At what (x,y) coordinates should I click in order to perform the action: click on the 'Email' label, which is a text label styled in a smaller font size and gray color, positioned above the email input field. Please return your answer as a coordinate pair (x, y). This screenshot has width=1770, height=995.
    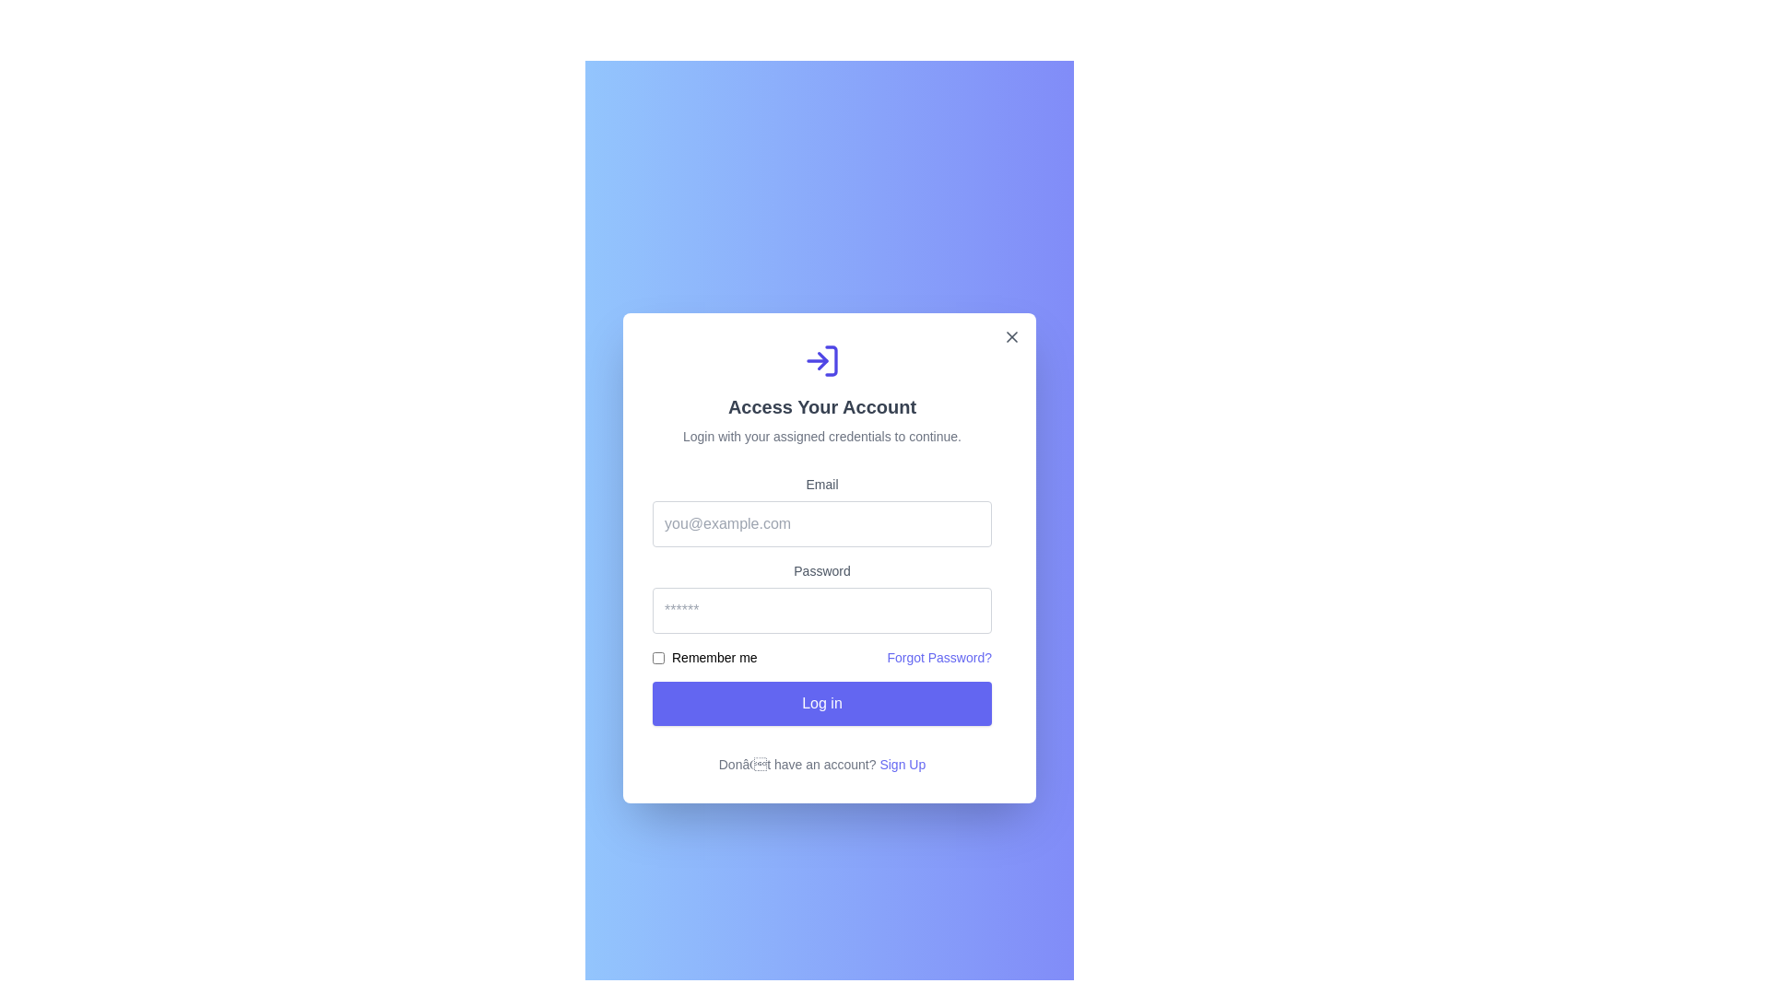
    Looking at the image, I should click on (821, 483).